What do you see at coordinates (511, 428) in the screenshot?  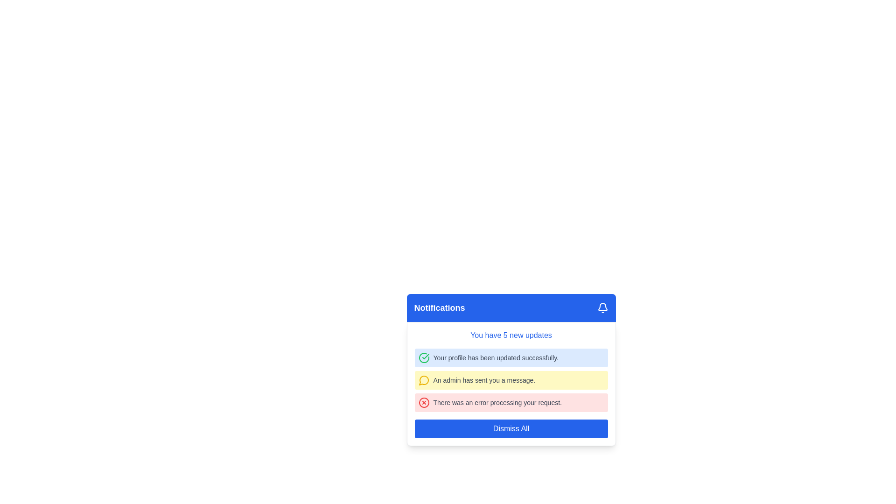 I see `the 'Dismiss All' button, which is a rectangular button with bold white text on a blue background, located at the bottom of the notification panel` at bounding box center [511, 428].